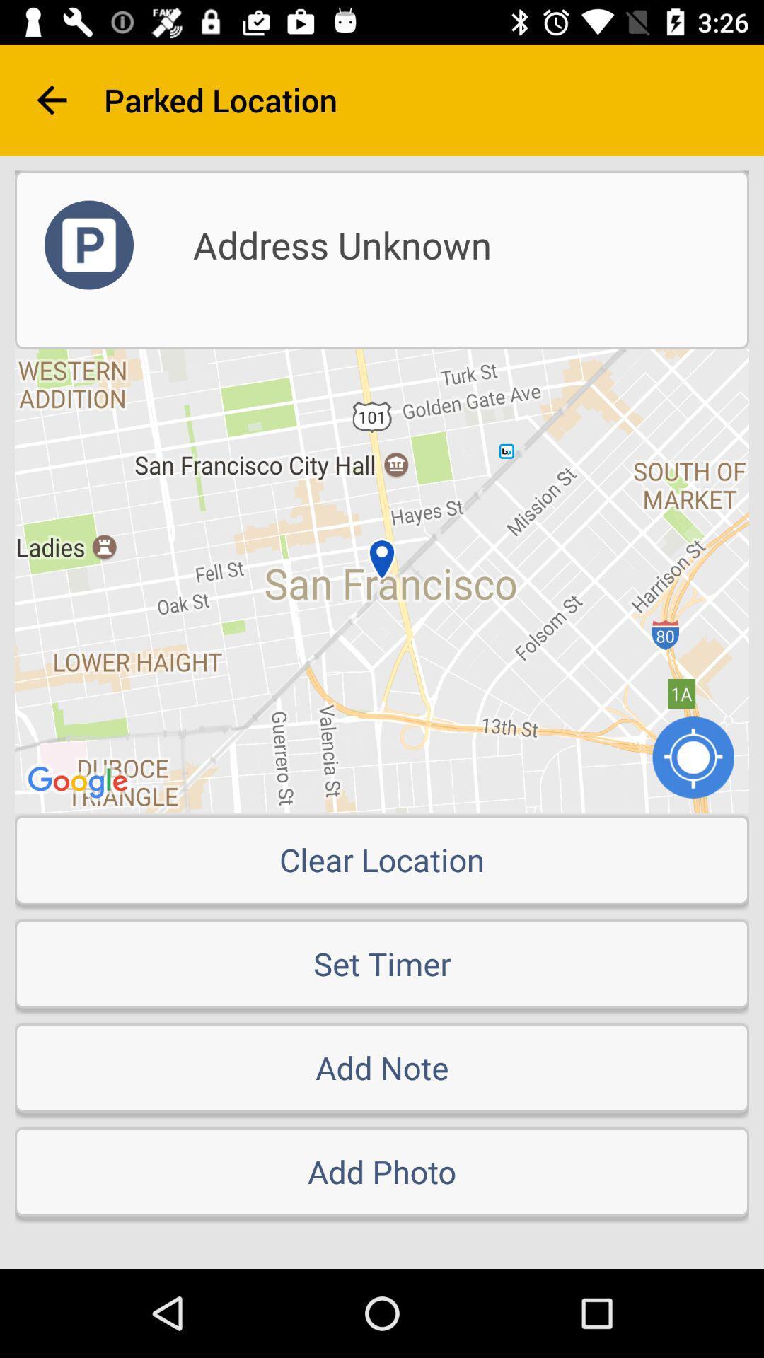  What do you see at coordinates (382, 1068) in the screenshot?
I see `the add note option` at bounding box center [382, 1068].